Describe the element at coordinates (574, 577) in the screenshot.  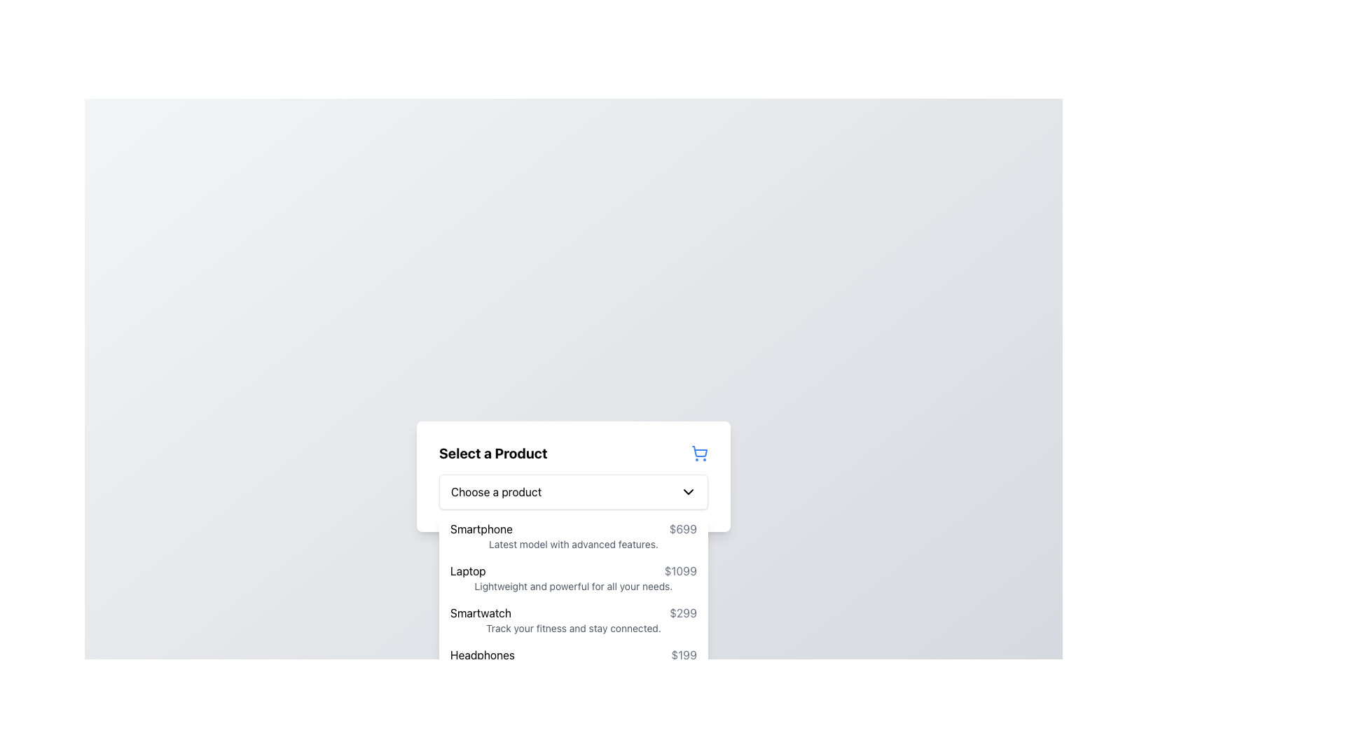
I see `to select the product labeled 'Laptop' from the dropdown menu, which is the second item in the list and visually distinct with its bold title and accompanying price and description` at that location.